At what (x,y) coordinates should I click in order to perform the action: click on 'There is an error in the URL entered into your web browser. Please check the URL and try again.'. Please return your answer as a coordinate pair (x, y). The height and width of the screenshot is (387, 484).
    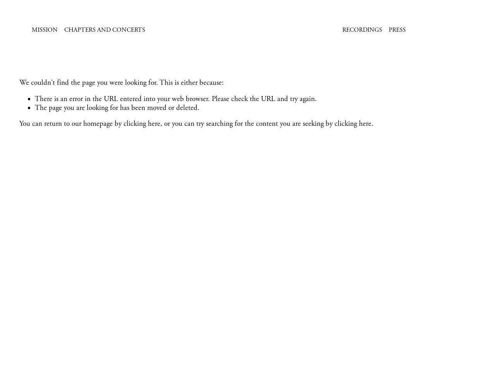
    Looking at the image, I should click on (34, 99).